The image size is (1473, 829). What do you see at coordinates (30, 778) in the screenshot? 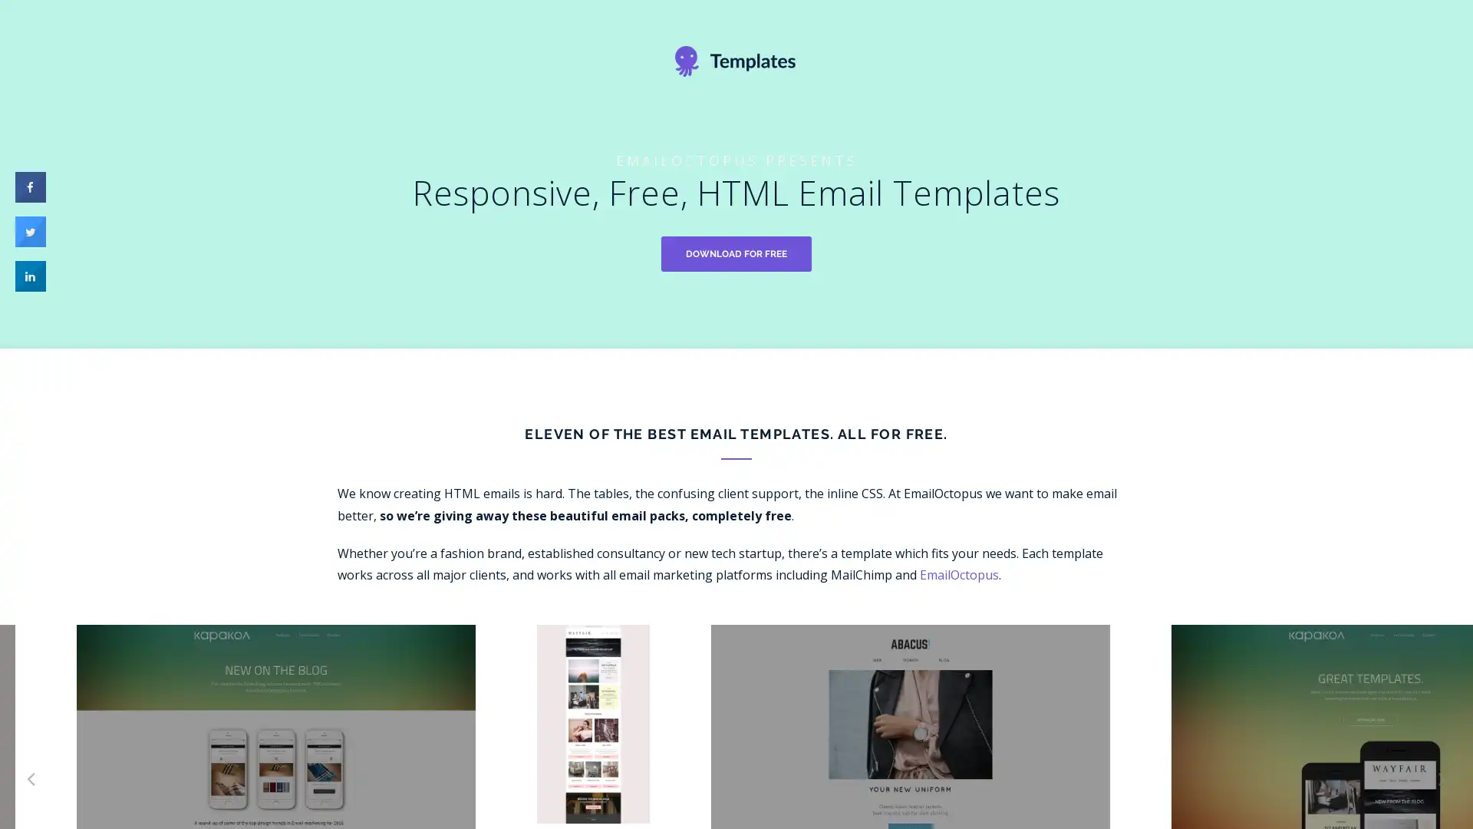
I see `Previous` at bounding box center [30, 778].